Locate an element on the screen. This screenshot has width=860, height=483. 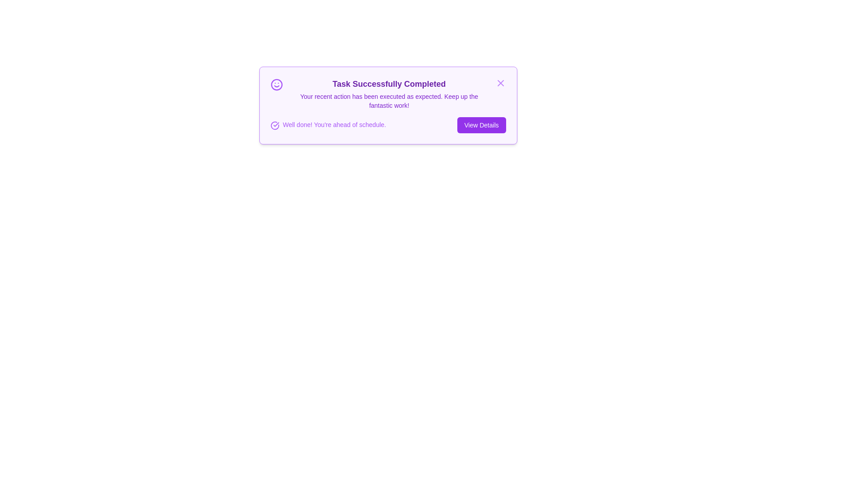
the 'View Details' button to navigate to additional details is located at coordinates (481, 125).